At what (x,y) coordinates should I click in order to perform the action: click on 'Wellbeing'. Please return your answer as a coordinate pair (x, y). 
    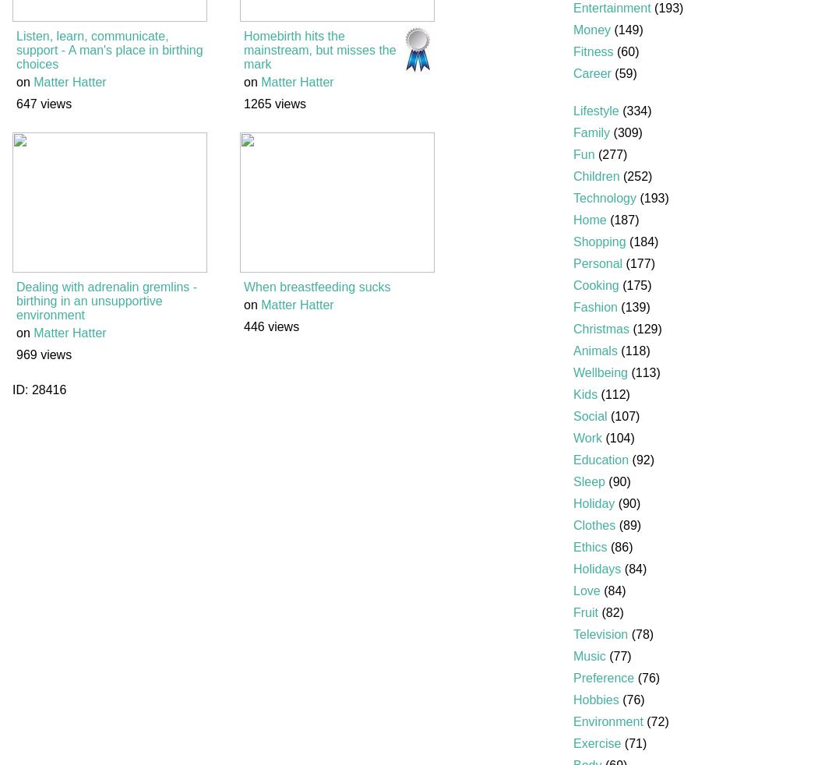
    Looking at the image, I should click on (600, 372).